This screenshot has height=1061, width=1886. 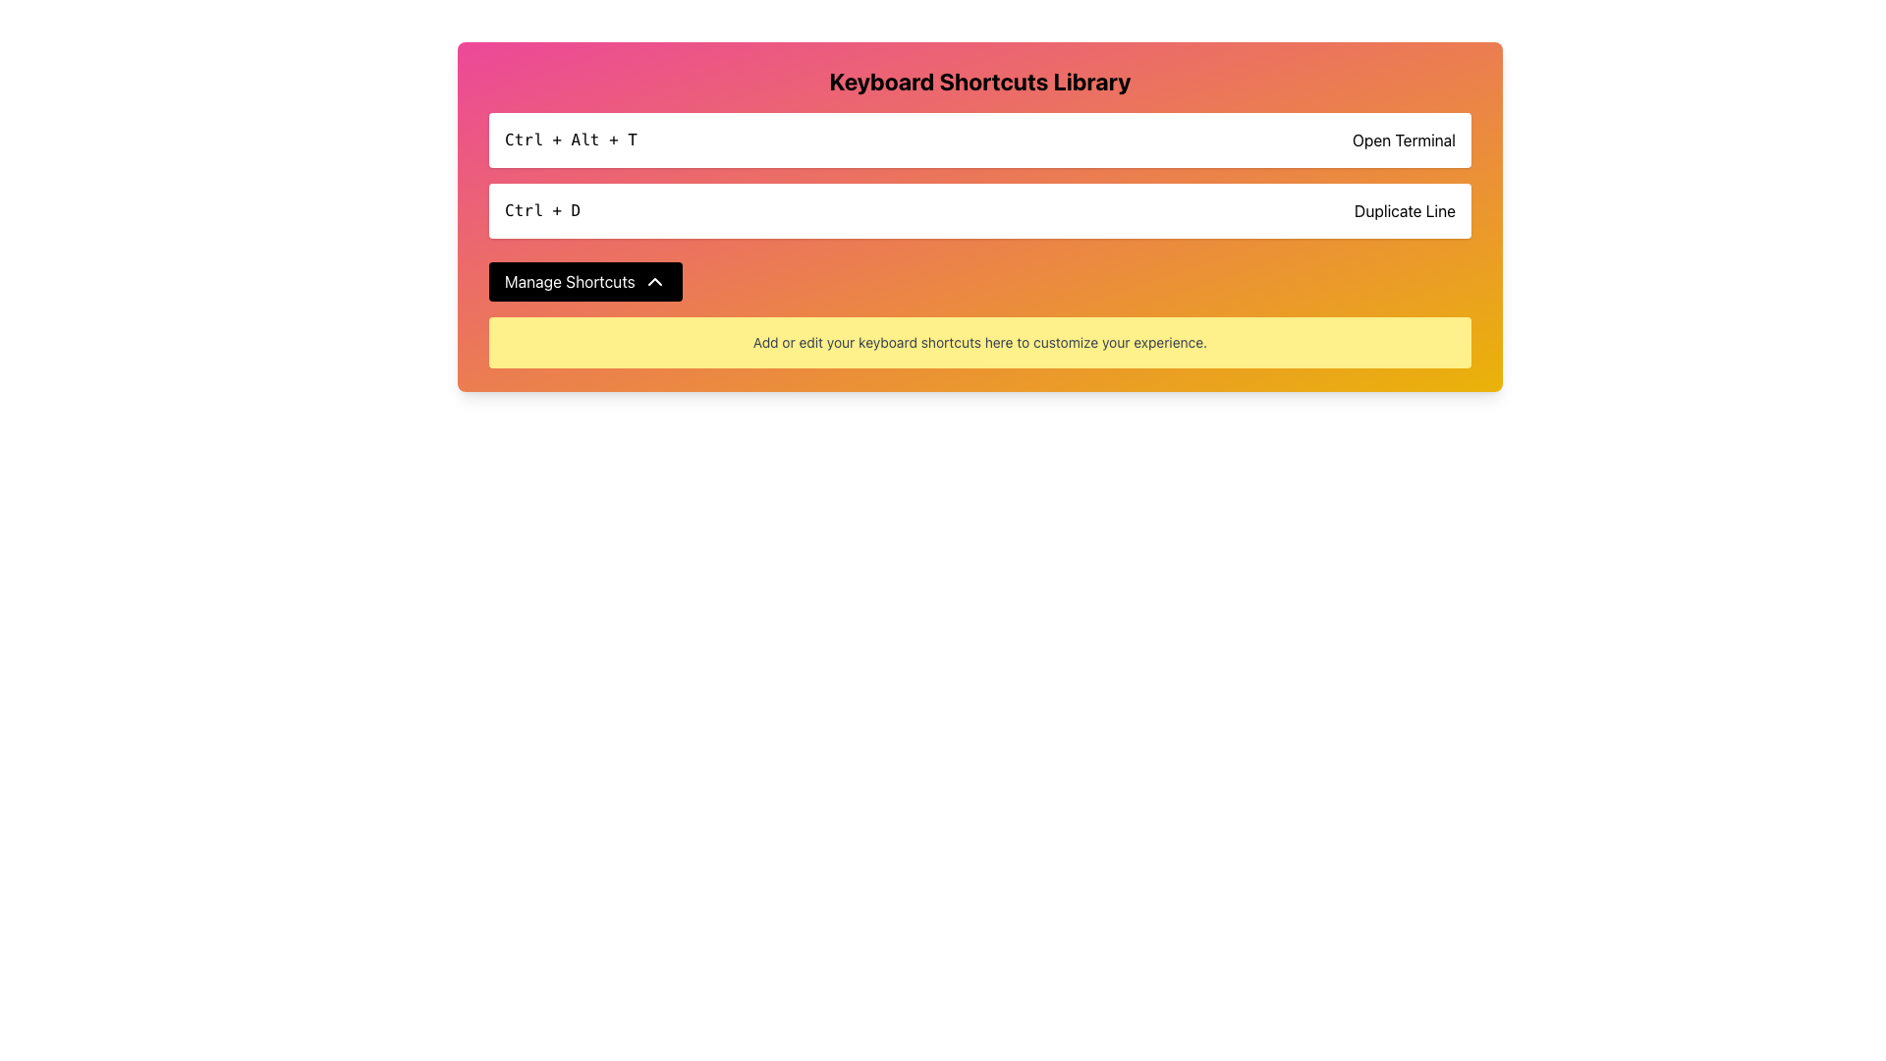 I want to click on informational text located within the yellow section of the 'Keyboard Shortcuts Library', positioned beneath the 'Manage Shortcuts' button, so click(x=980, y=341).